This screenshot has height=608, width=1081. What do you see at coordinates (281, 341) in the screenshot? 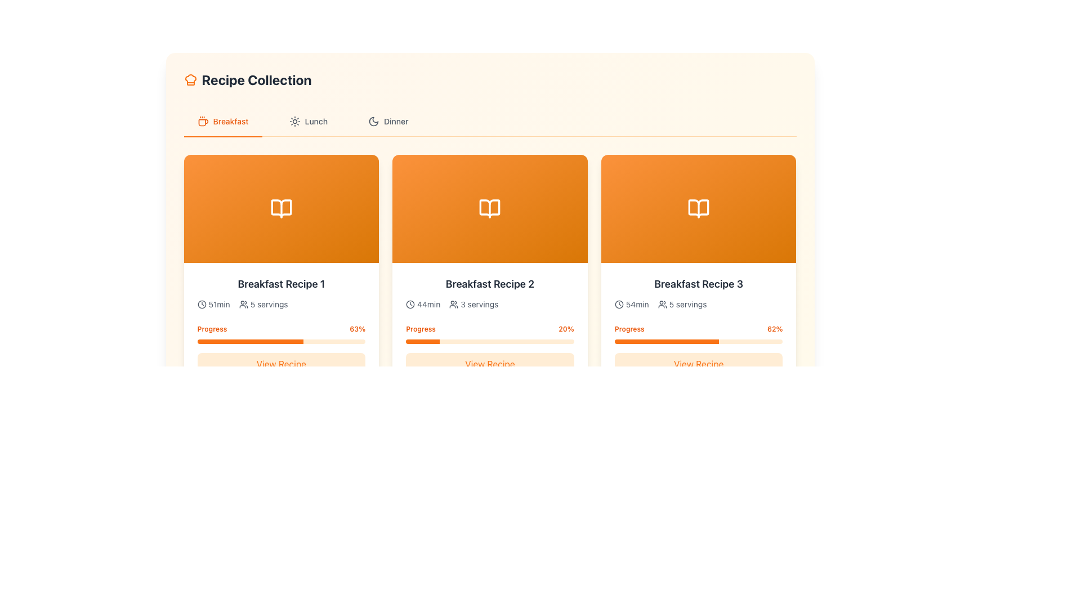
I see `the Progress Bar element located within the 'Breakfast Recipe 1' card, which is labeled 'Progress' on the left and '63%' on the right, situated above the 'View Recipe' button` at bounding box center [281, 341].